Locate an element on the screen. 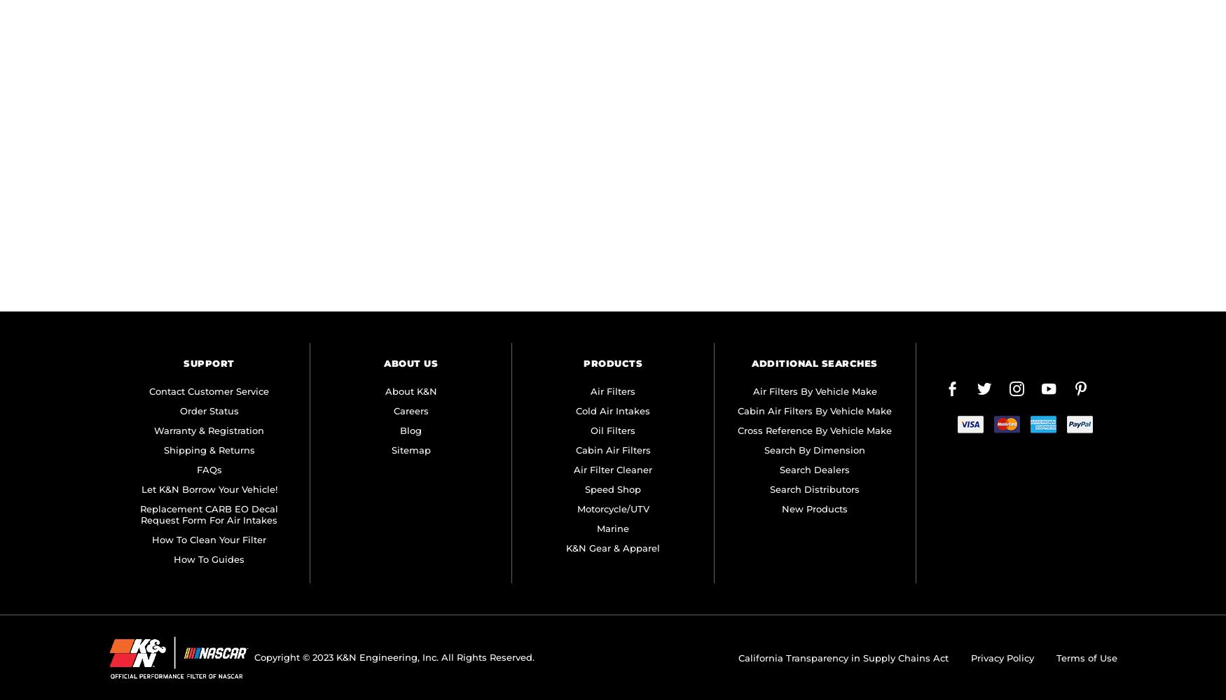  'Shipping & Returns' is located at coordinates (208, 450).